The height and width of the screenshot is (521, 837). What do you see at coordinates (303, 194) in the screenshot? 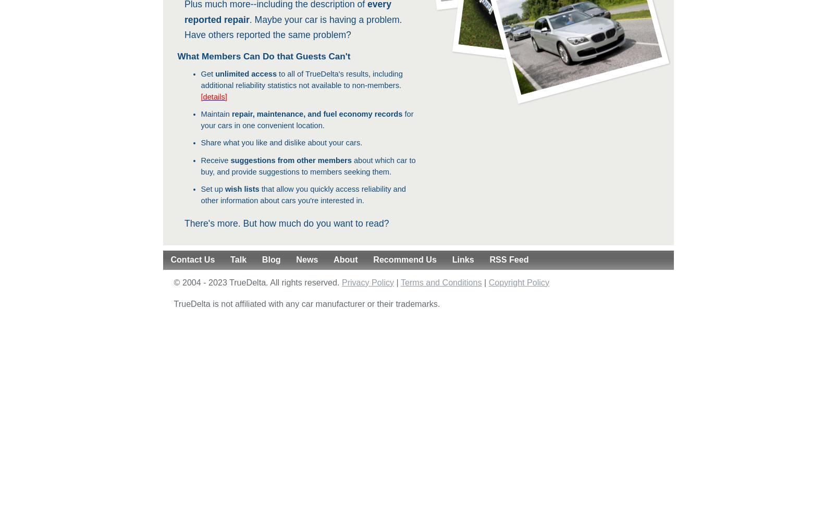
I see `'that allow you quickly access reliability and other information about cars you're interested in.'` at bounding box center [303, 194].